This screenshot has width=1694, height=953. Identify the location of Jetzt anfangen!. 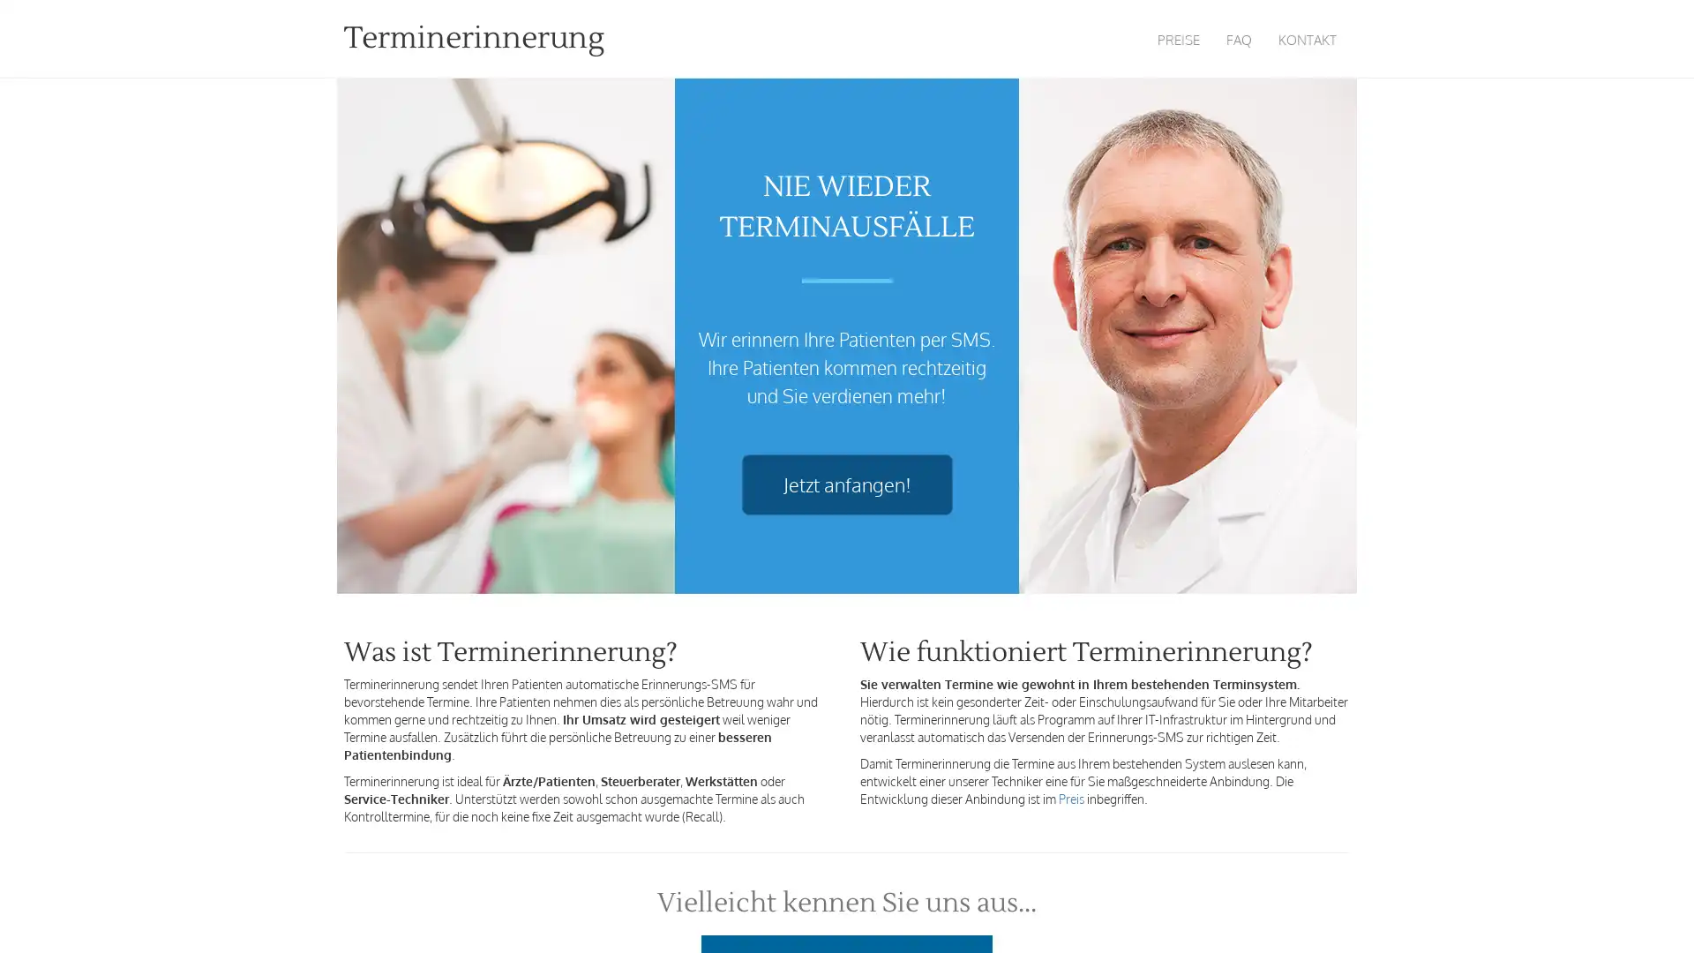
(845, 484).